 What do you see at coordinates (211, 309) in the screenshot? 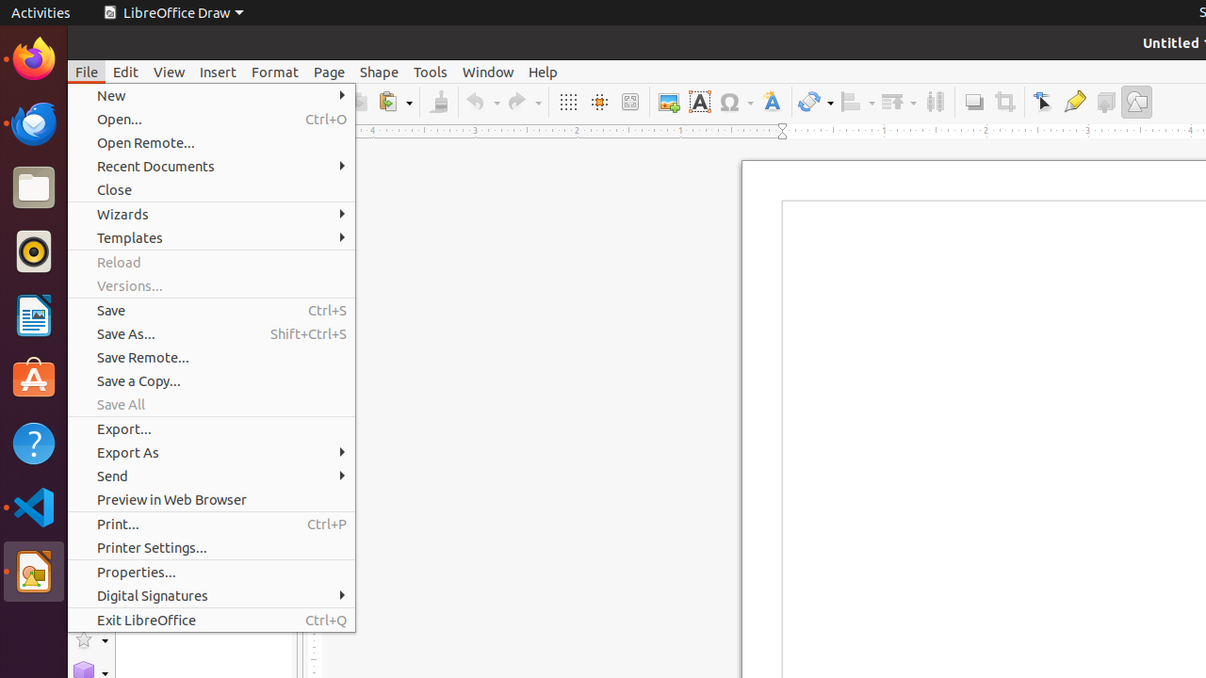
I see `'Save'` at bounding box center [211, 309].